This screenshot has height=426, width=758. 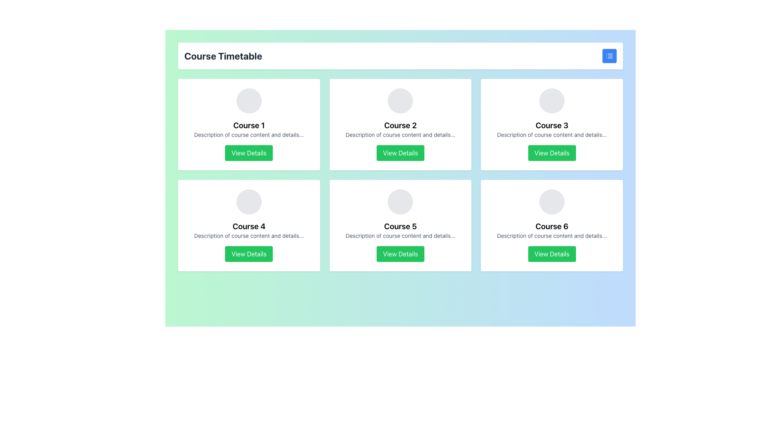 What do you see at coordinates (552, 100) in the screenshot?
I see `the circular gray placeholder image located at the top of the 'Course 3' card, which is centered above the course title` at bounding box center [552, 100].